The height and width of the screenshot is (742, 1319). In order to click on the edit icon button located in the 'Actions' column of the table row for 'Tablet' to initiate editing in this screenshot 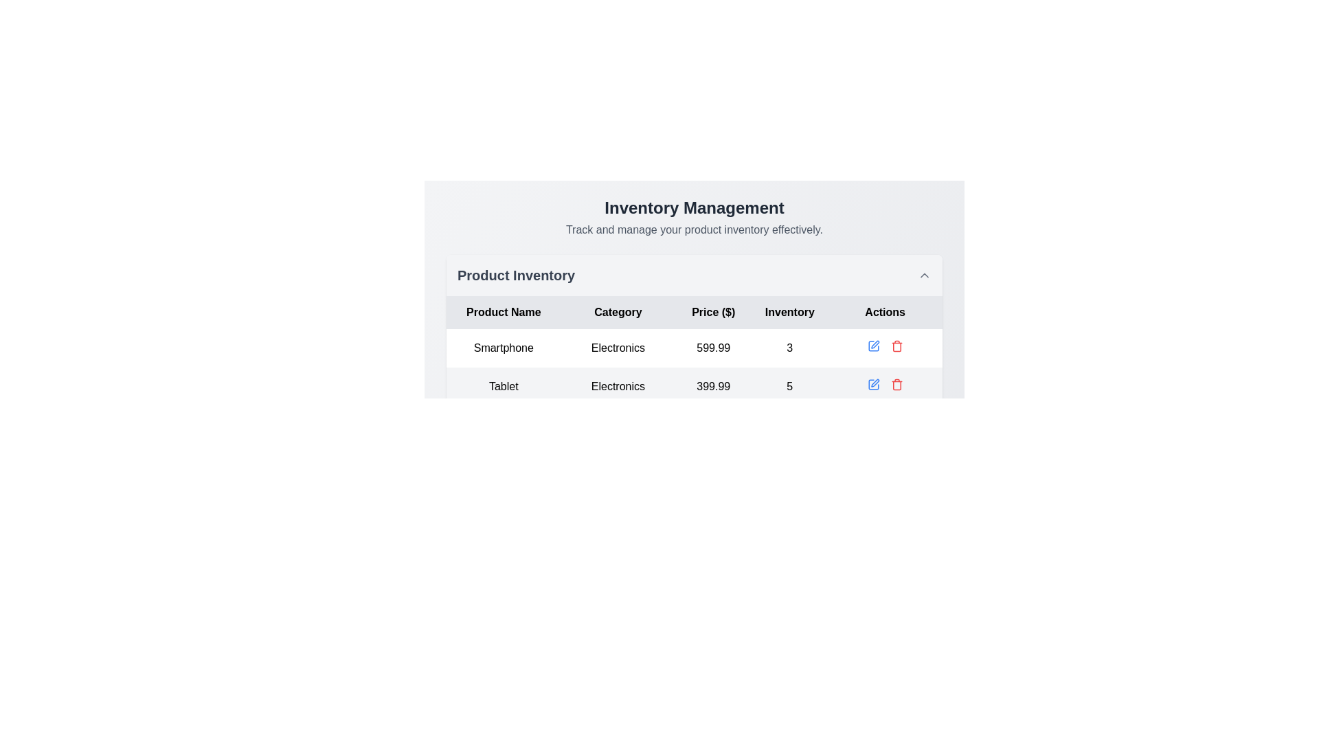, I will do `click(874, 383)`.